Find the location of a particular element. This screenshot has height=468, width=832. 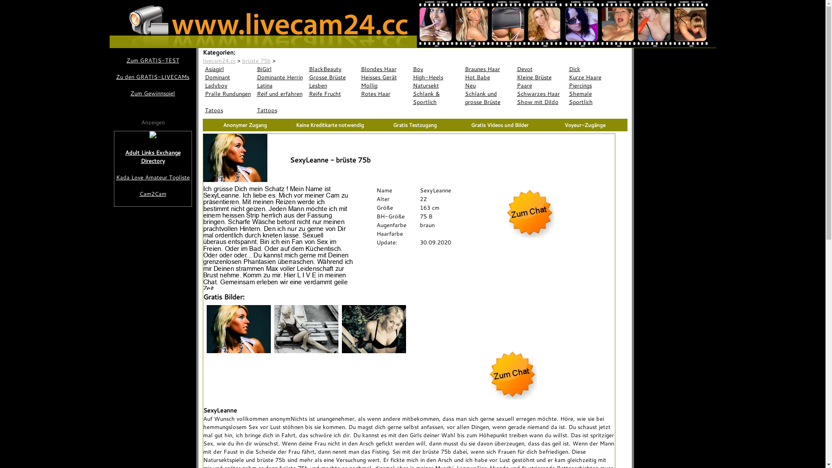

'Mollig' is located at coordinates (384, 85).